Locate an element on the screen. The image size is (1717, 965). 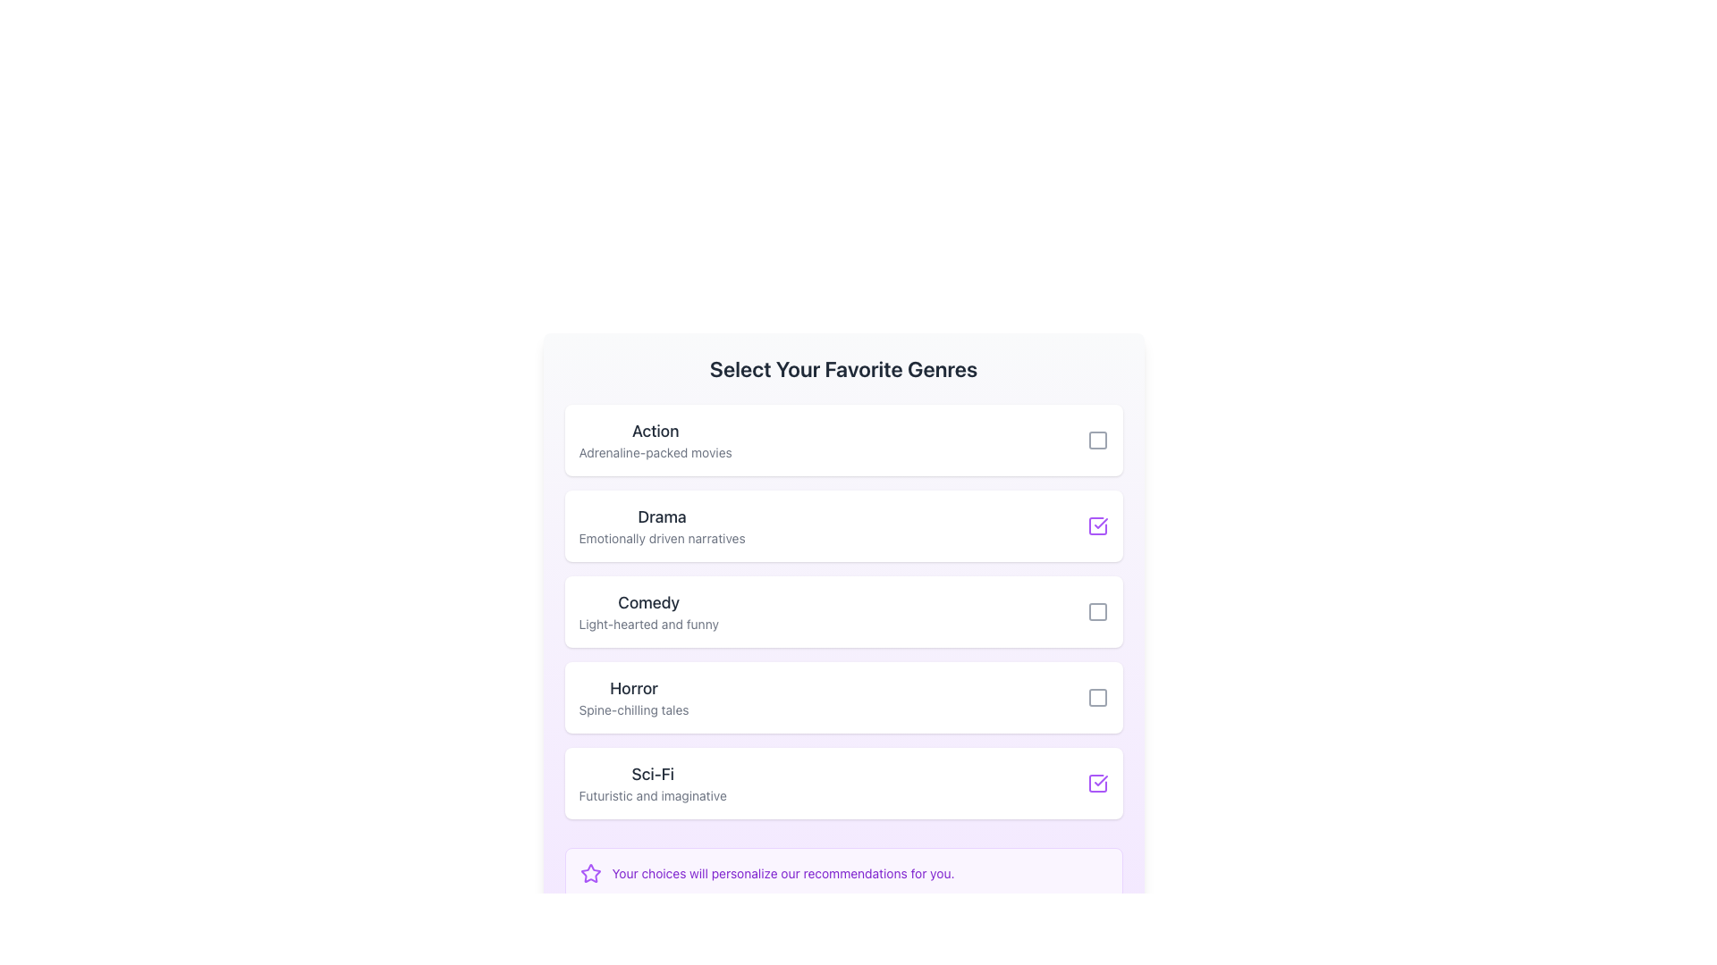
the text label displaying 'Light-hearted and funny', which is styled in a smaller, gray-colored font and positioned below the 'Comedy' title is located at coordinates (647, 623).